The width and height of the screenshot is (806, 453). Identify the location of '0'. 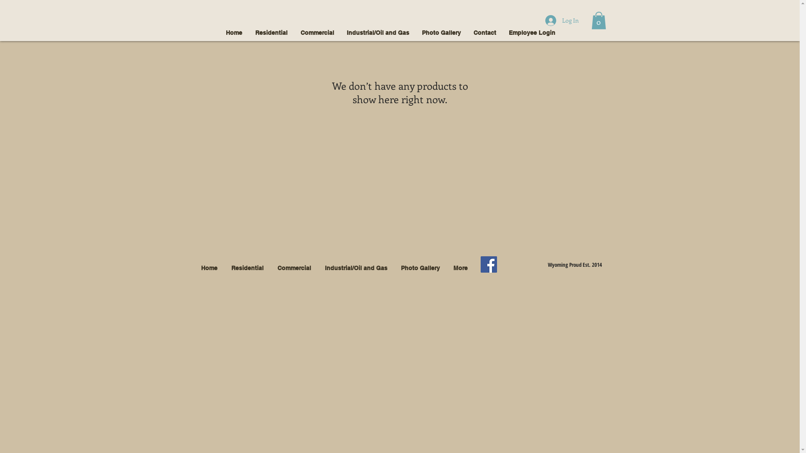
(598, 20).